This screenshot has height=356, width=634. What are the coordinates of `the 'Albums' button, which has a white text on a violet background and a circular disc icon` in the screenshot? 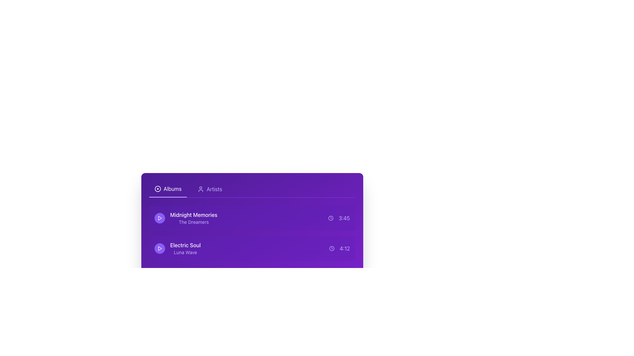 It's located at (168, 189).